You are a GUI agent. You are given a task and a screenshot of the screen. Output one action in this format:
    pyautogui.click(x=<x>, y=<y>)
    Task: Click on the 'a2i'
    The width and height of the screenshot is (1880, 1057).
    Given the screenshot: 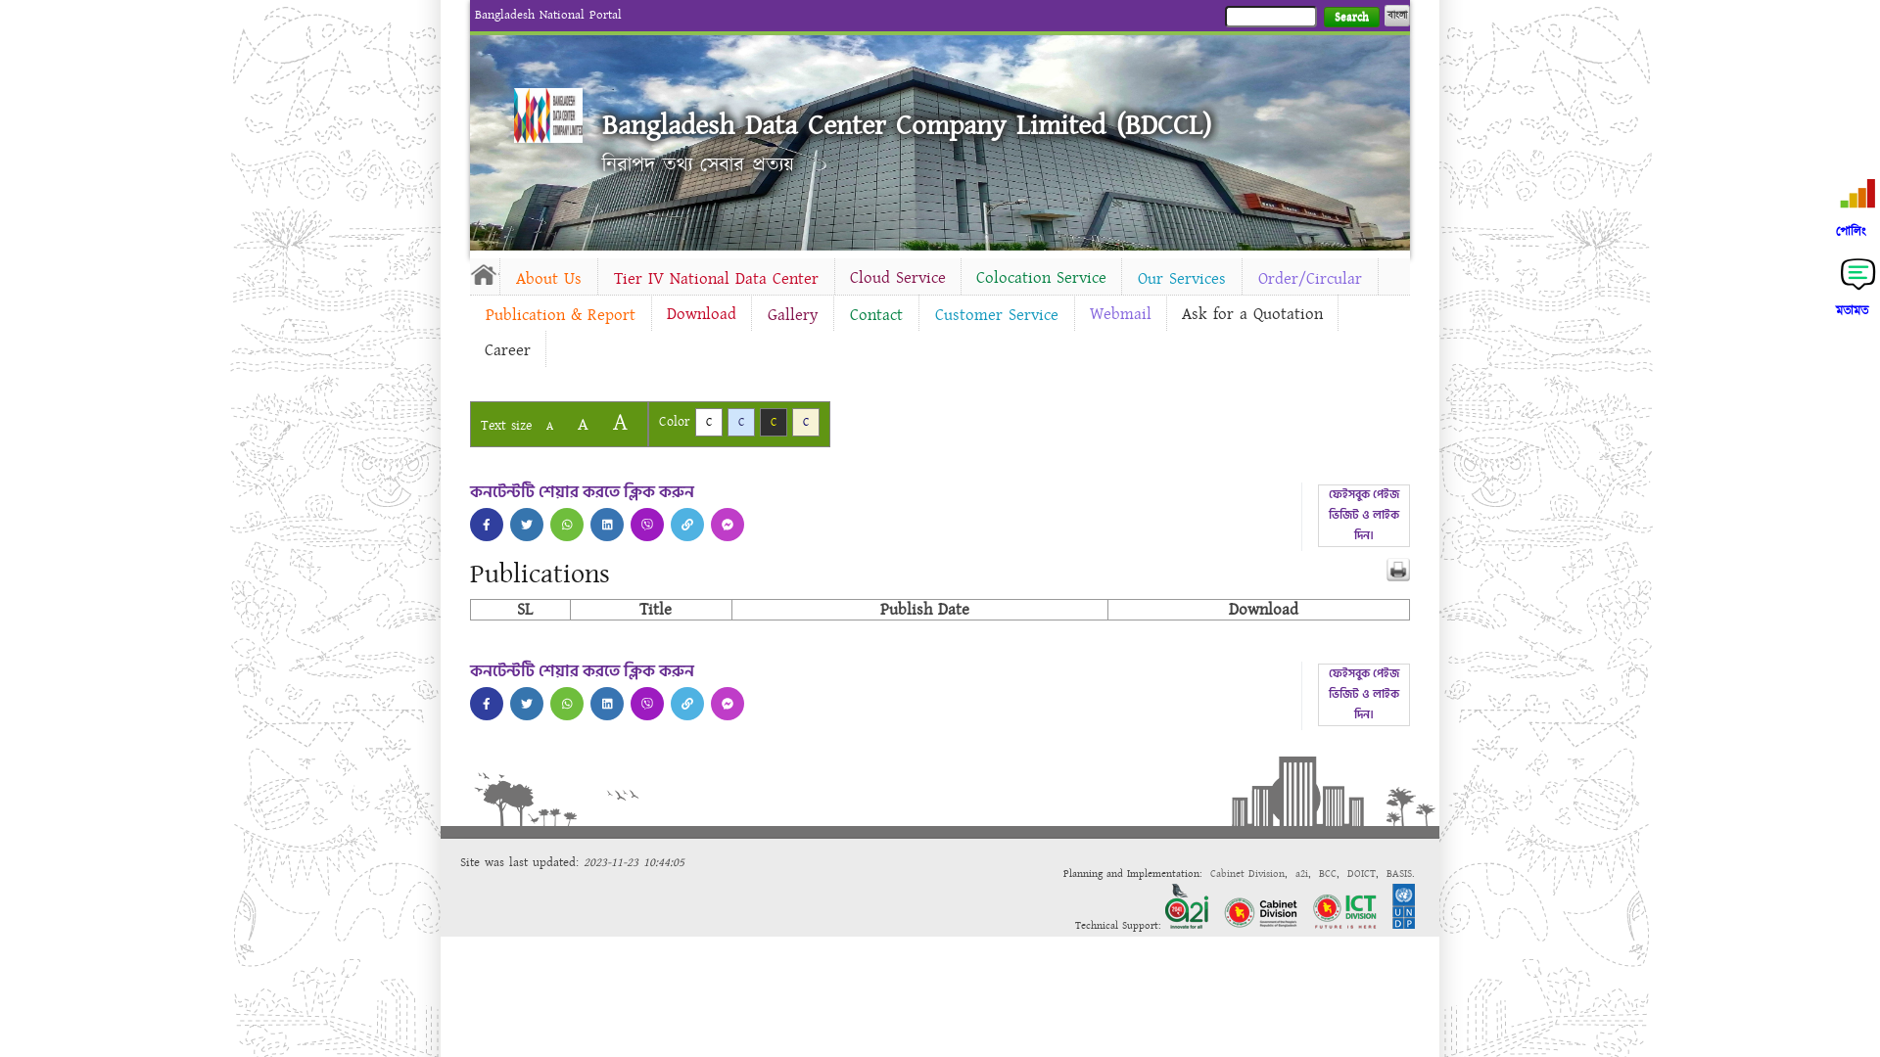 What is the action you would take?
    pyautogui.click(x=1301, y=872)
    